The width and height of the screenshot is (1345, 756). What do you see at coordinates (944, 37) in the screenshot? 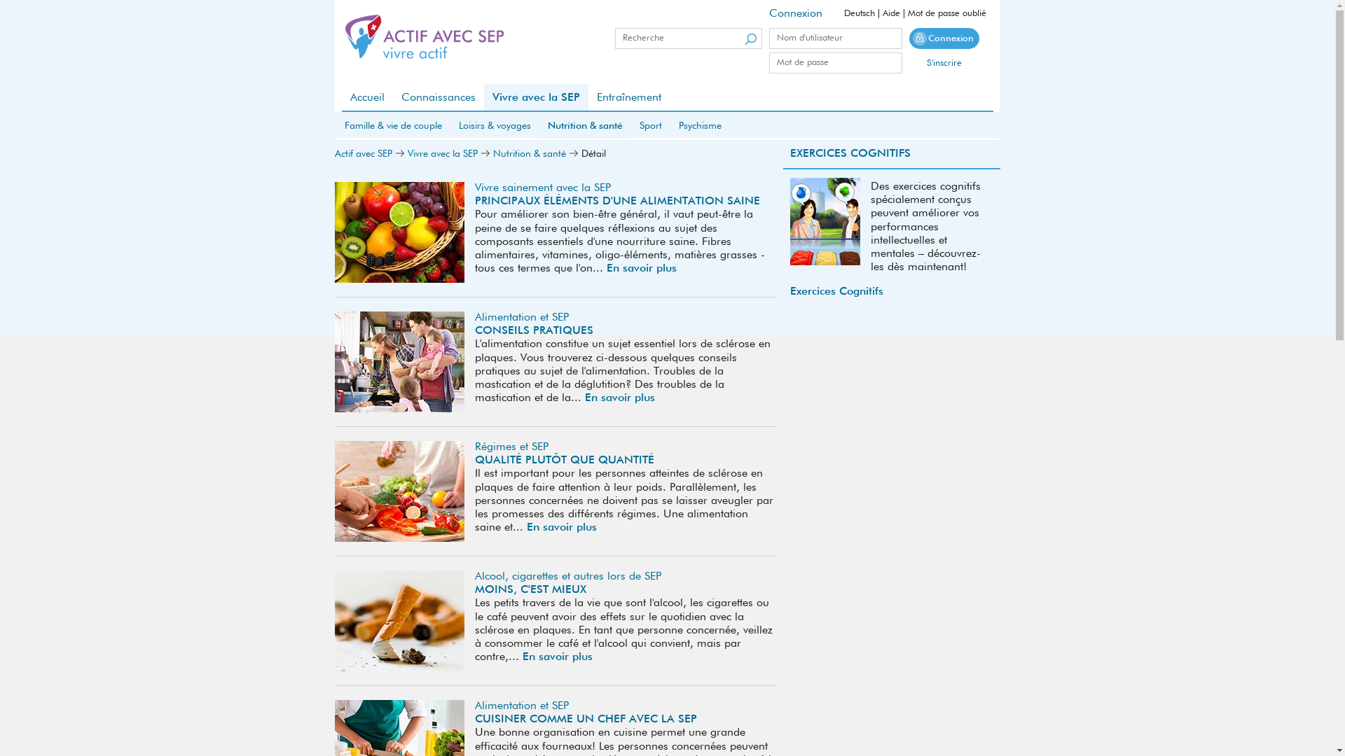
I see `'Connexion'` at bounding box center [944, 37].